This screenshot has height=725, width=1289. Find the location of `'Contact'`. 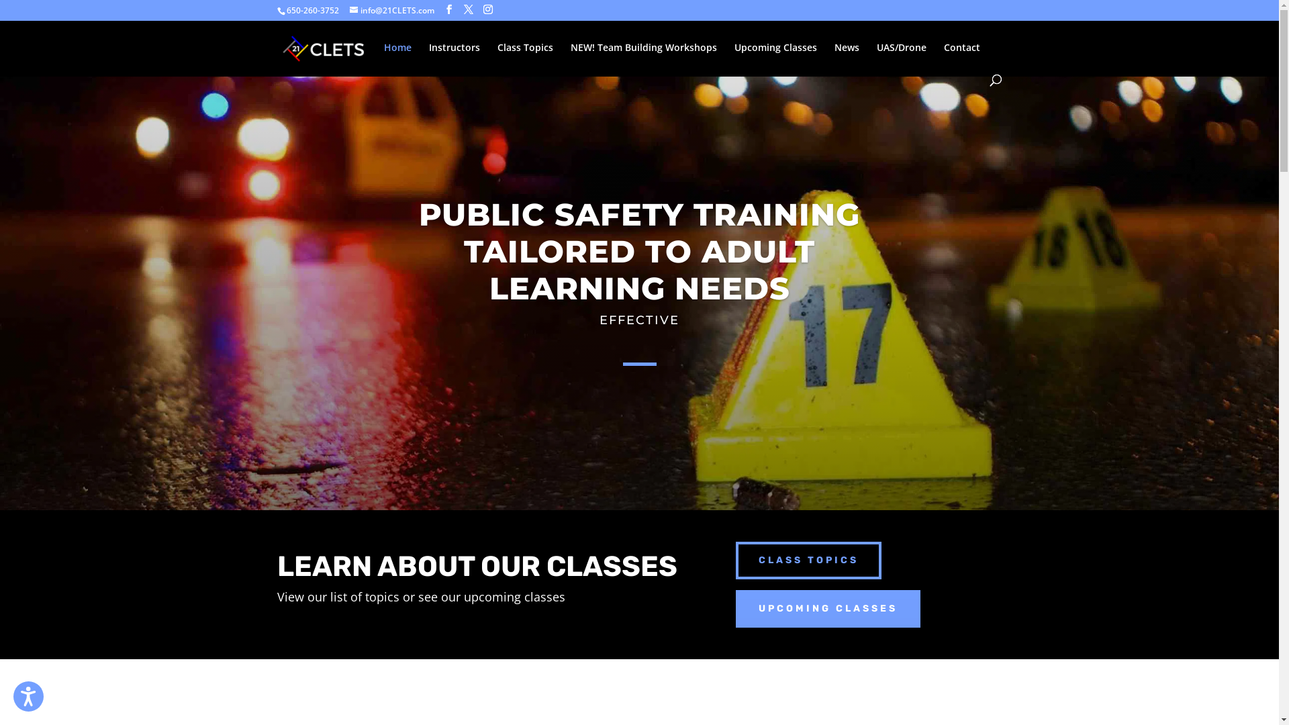

'Contact' is located at coordinates (961, 58).